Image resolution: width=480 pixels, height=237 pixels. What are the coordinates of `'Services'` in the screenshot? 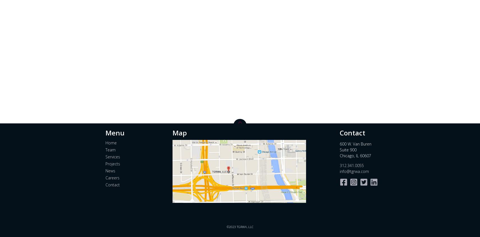 It's located at (112, 156).